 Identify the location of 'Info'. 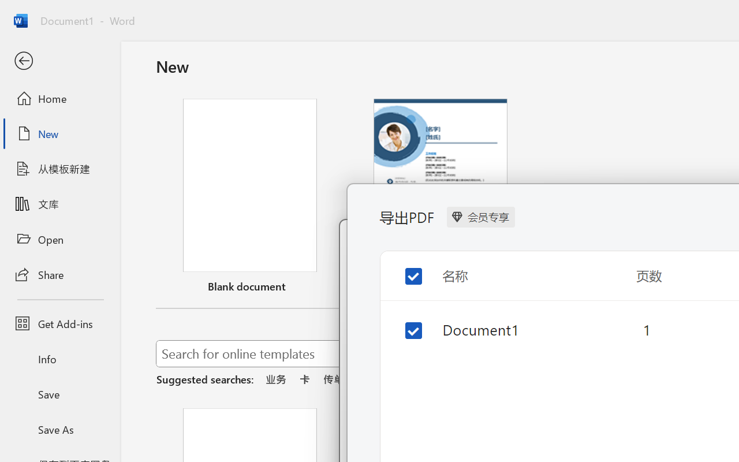
(59, 359).